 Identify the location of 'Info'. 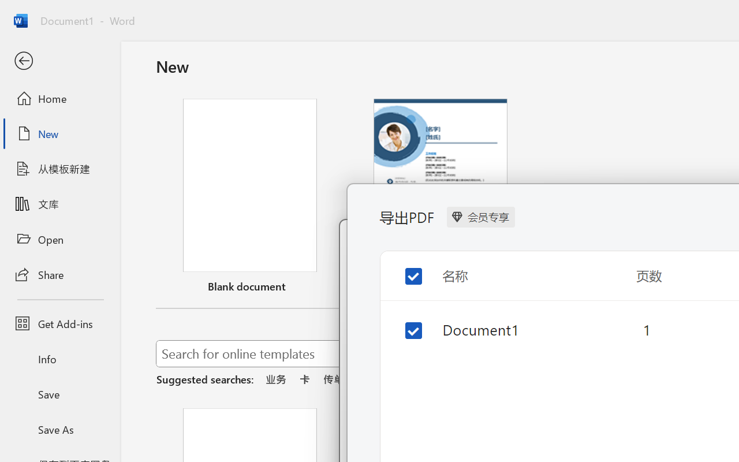
(59, 359).